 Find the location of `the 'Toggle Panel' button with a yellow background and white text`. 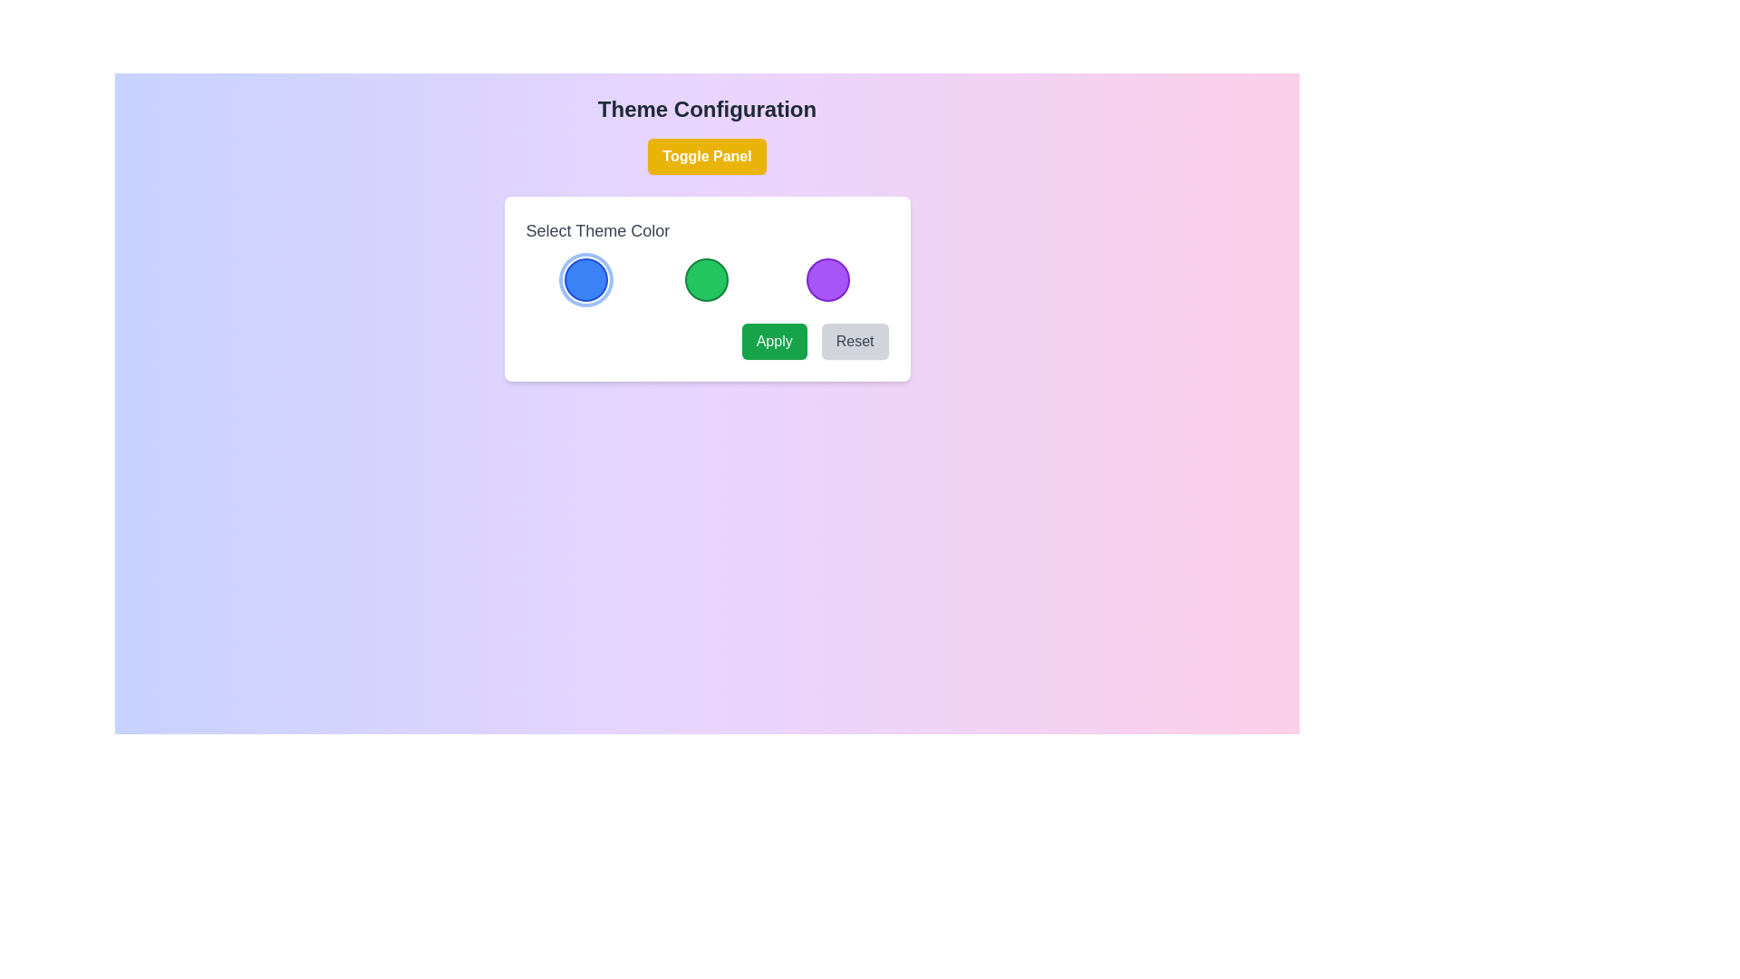

the 'Toggle Panel' button with a yellow background and white text is located at coordinates (706, 156).